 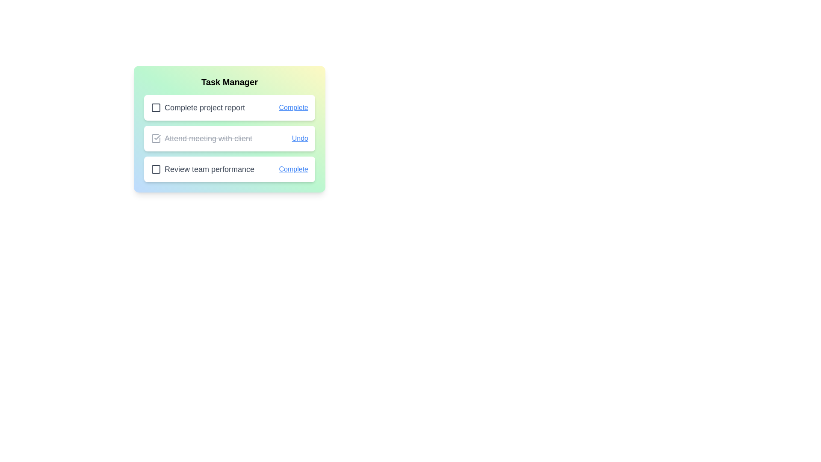 What do you see at coordinates (300, 138) in the screenshot?
I see `the button labeled Undo for the task Attend meeting with client` at bounding box center [300, 138].